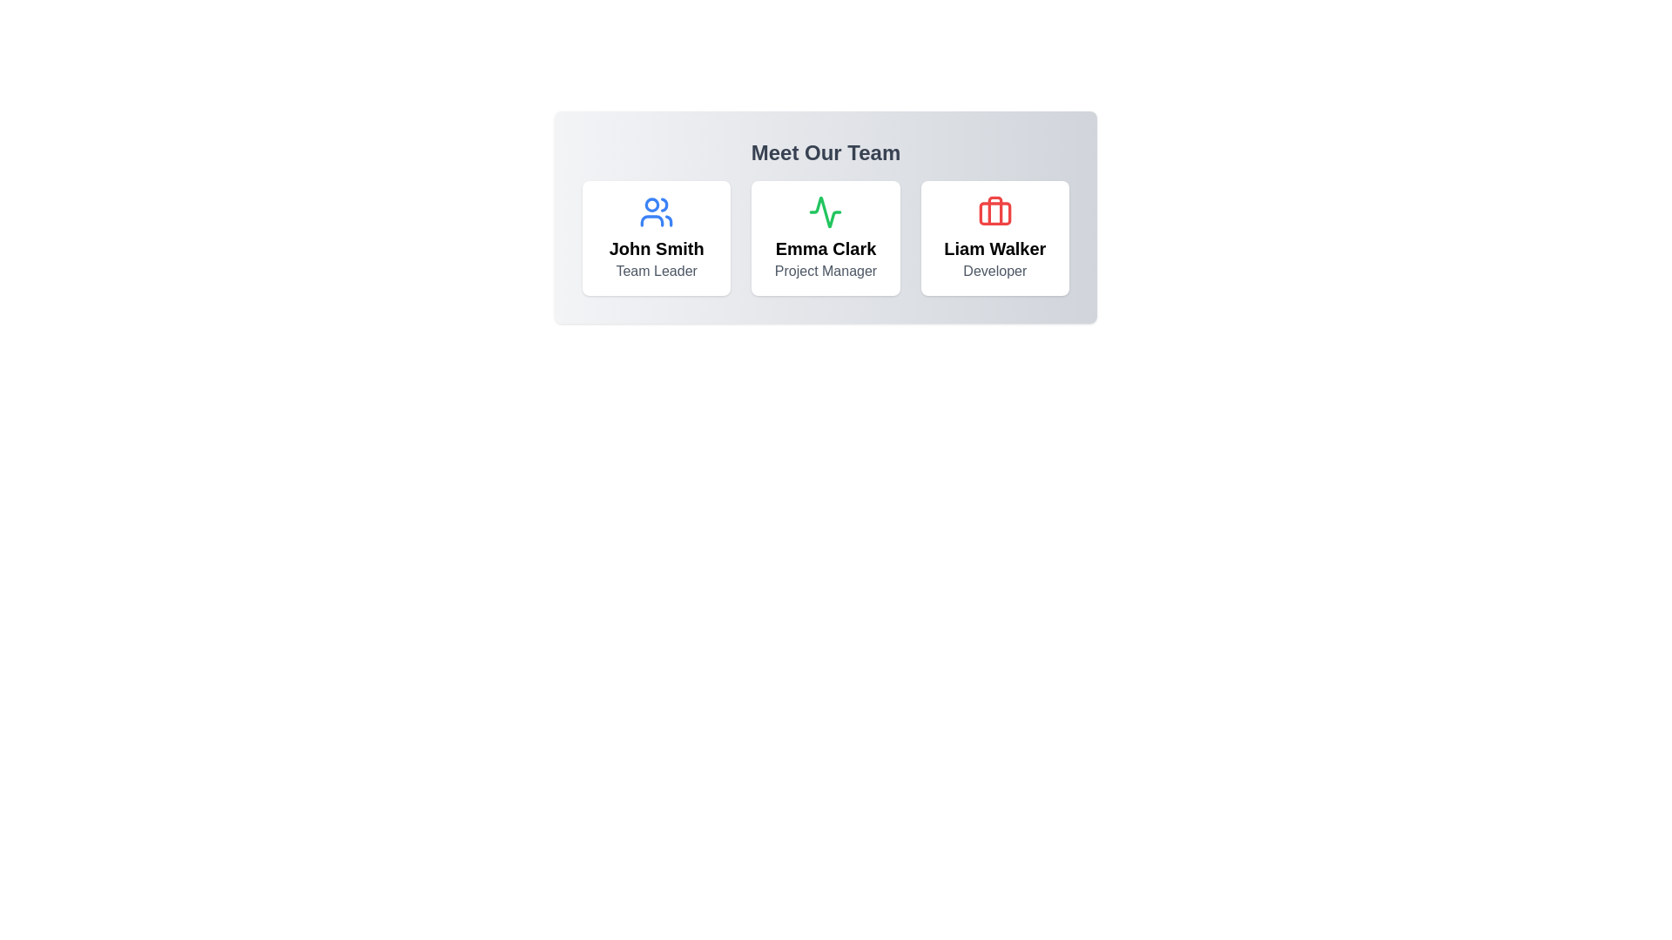  What do you see at coordinates (994, 238) in the screenshot?
I see `the informational card displaying the name 'Liam Walker' and the role 'Developer' in the 'Meet Our Team' section, which is the third card in the grid` at bounding box center [994, 238].